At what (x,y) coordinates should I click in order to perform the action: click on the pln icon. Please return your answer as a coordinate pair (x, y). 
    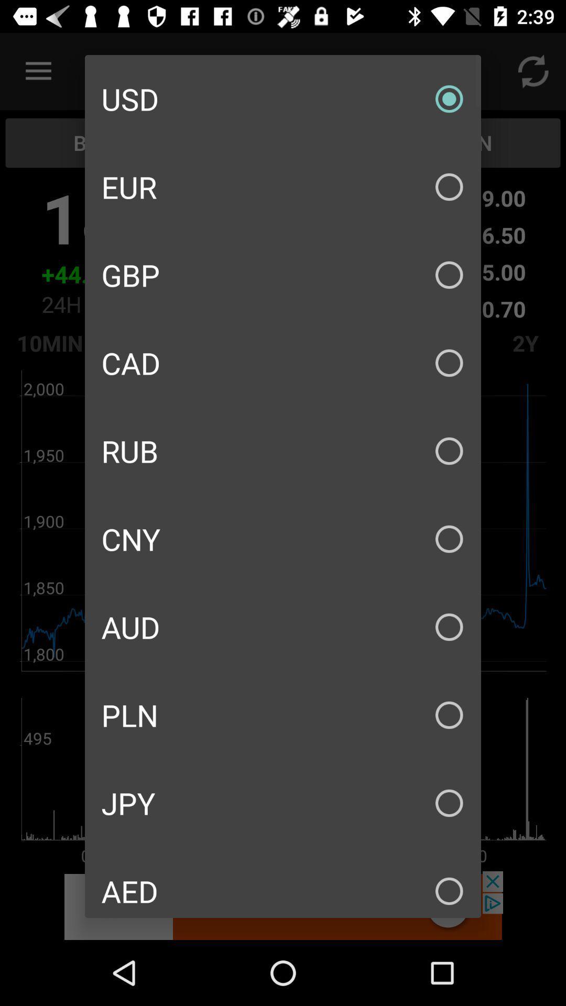
    Looking at the image, I should click on (283, 714).